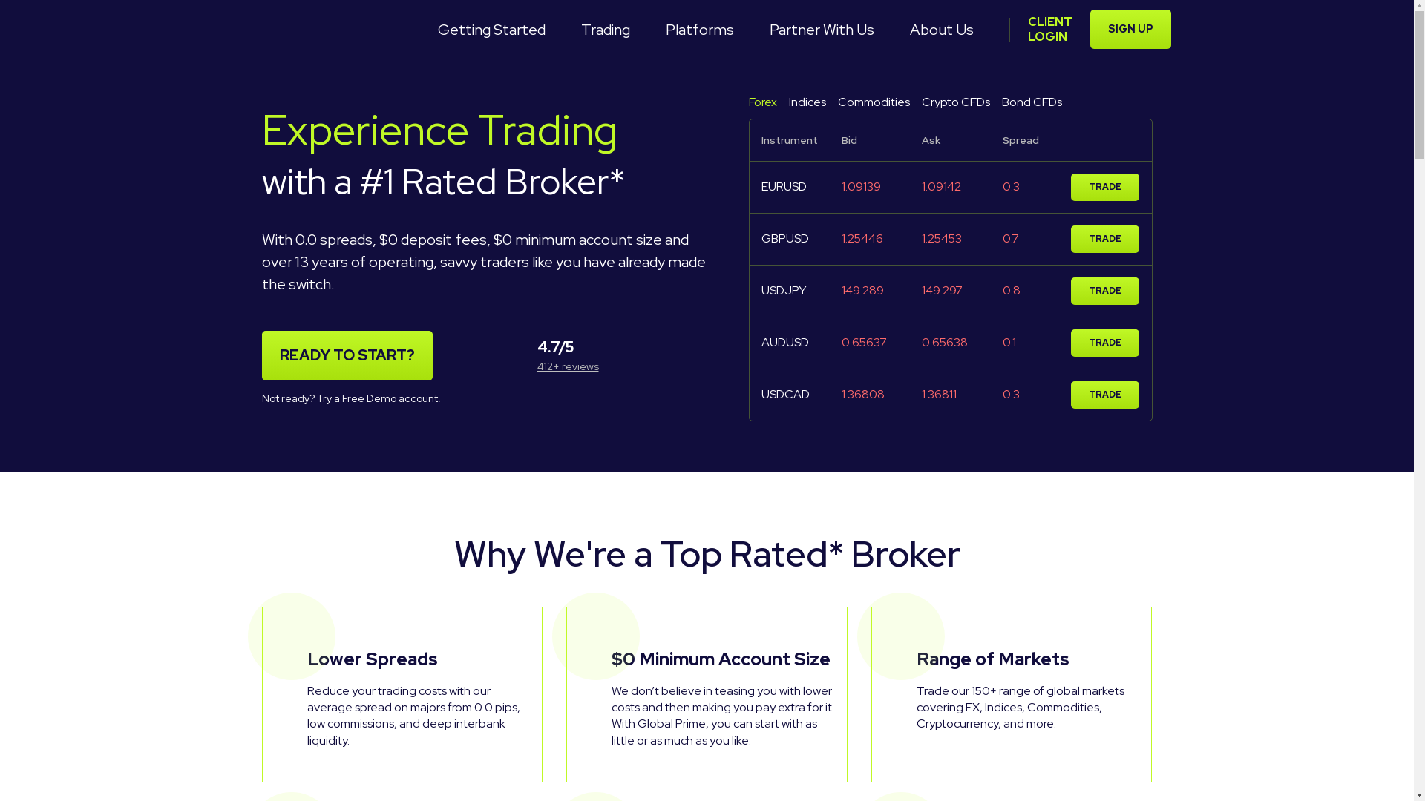 This screenshot has height=801, width=1425. Describe the element at coordinates (1026, 28) in the screenshot. I see `'CLIENT LOGIN'` at that location.